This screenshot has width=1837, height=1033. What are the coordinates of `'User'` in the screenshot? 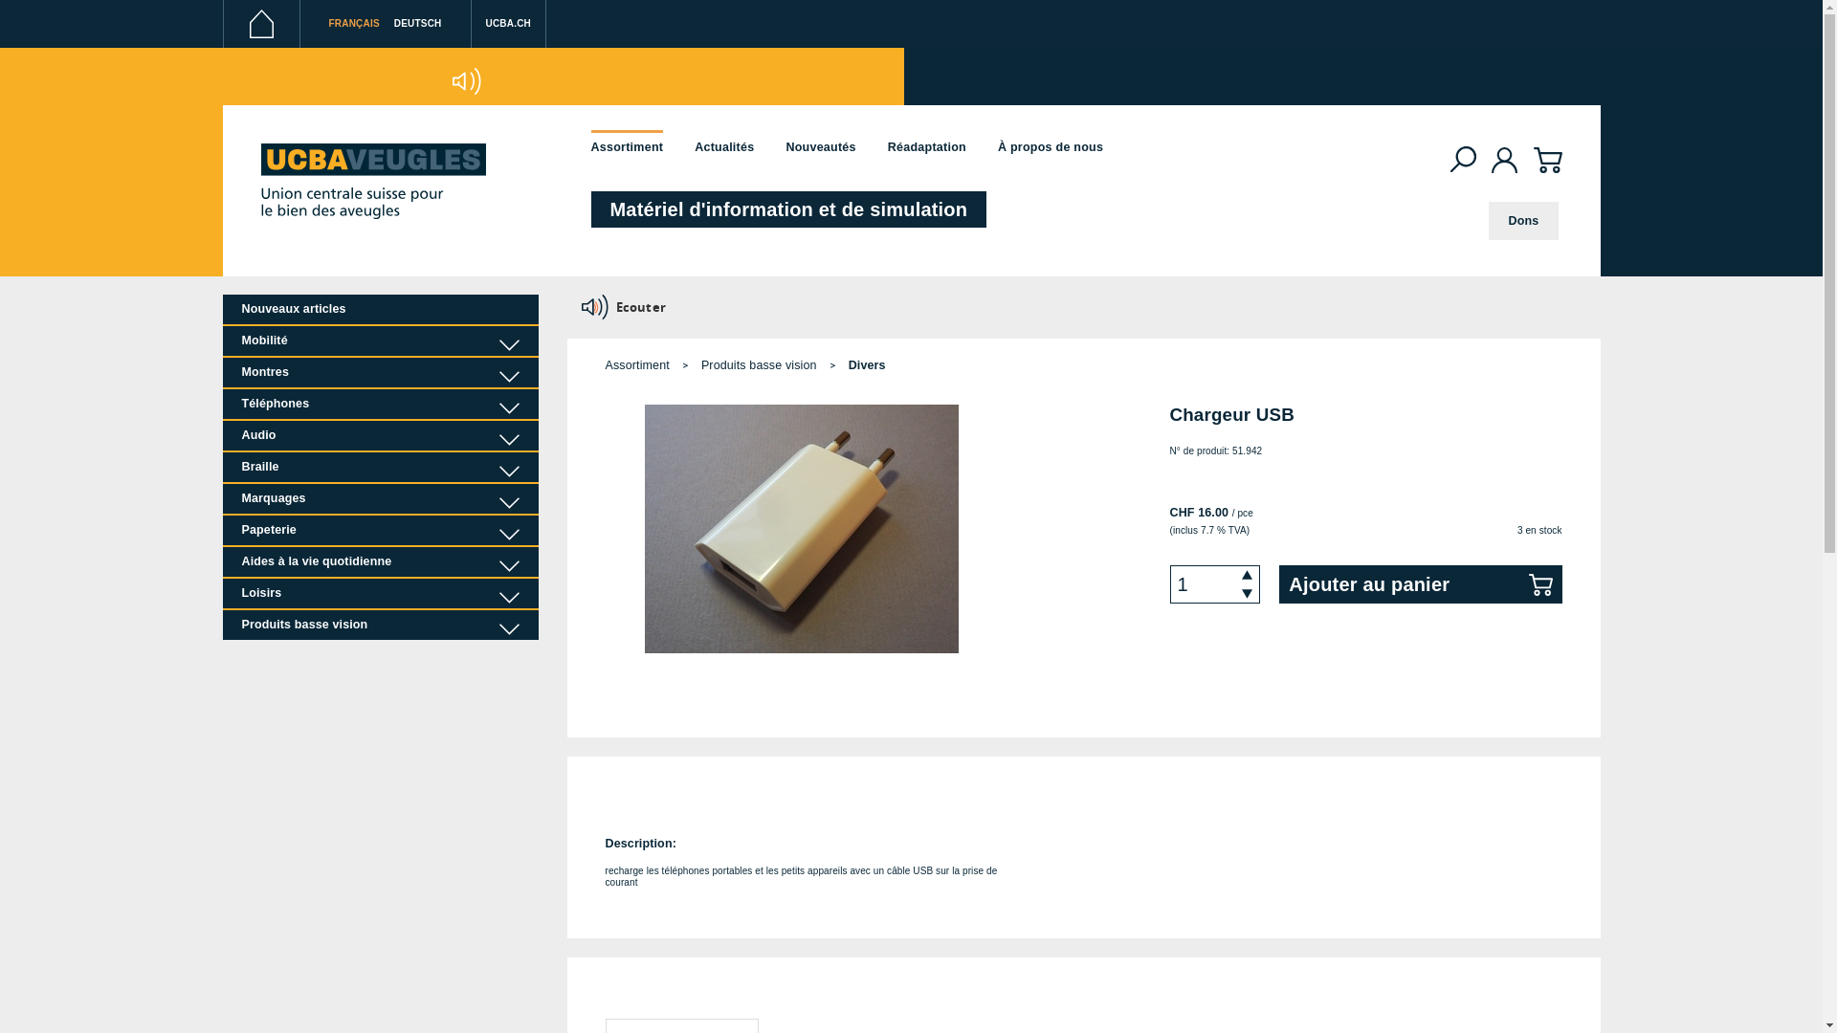 It's located at (1504, 160).